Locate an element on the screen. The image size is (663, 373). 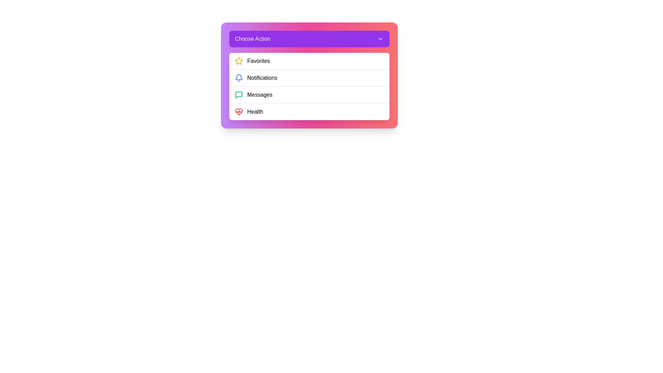
the downward-pointing chevron icon located at the right end of the 'Choose Action' purple bar is located at coordinates (380, 39).